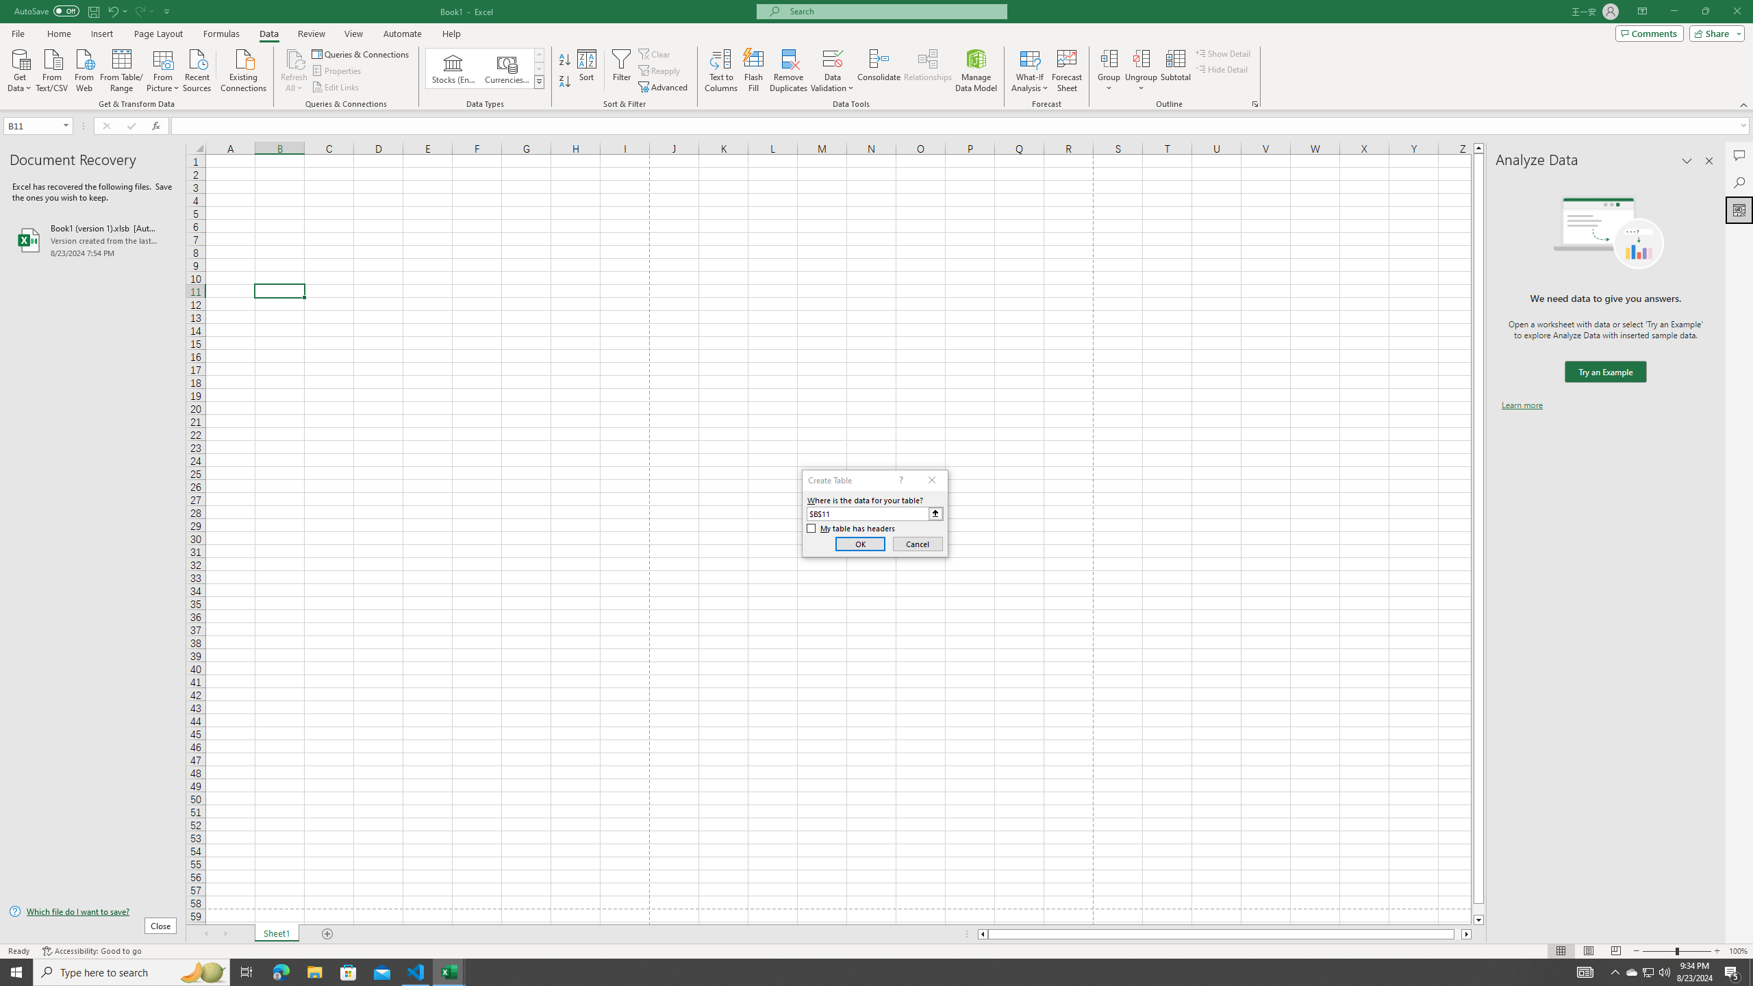  What do you see at coordinates (505, 68) in the screenshot?
I see `'Currencies (English)'` at bounding box center [505, 68].